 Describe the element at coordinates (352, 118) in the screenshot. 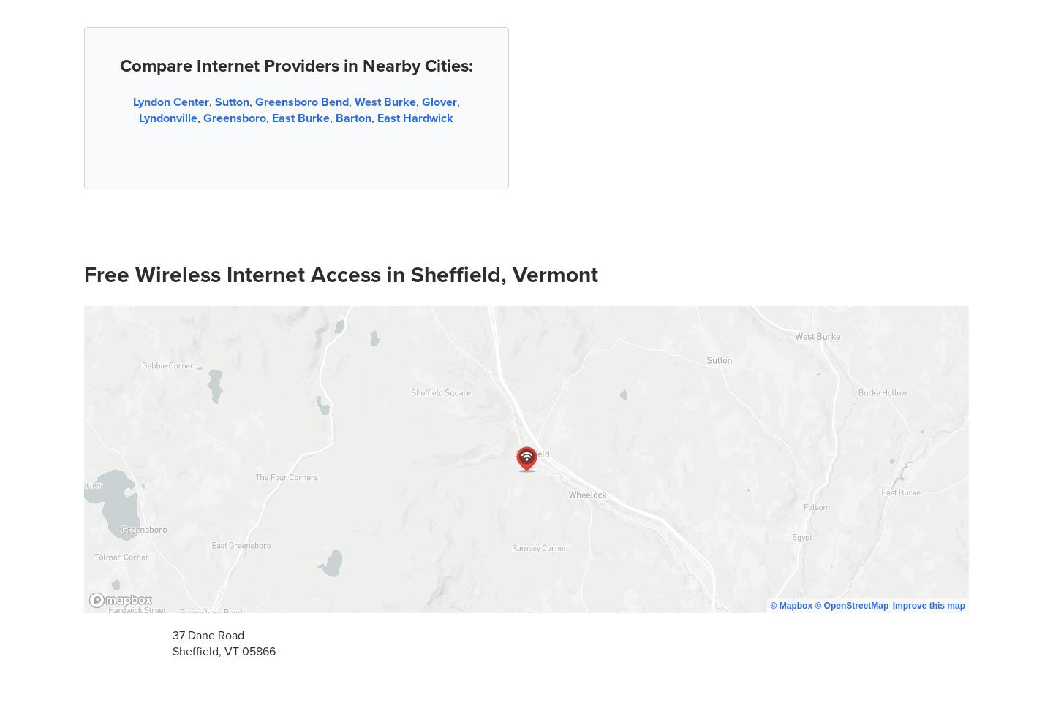

I see `'Barton'` at that location.